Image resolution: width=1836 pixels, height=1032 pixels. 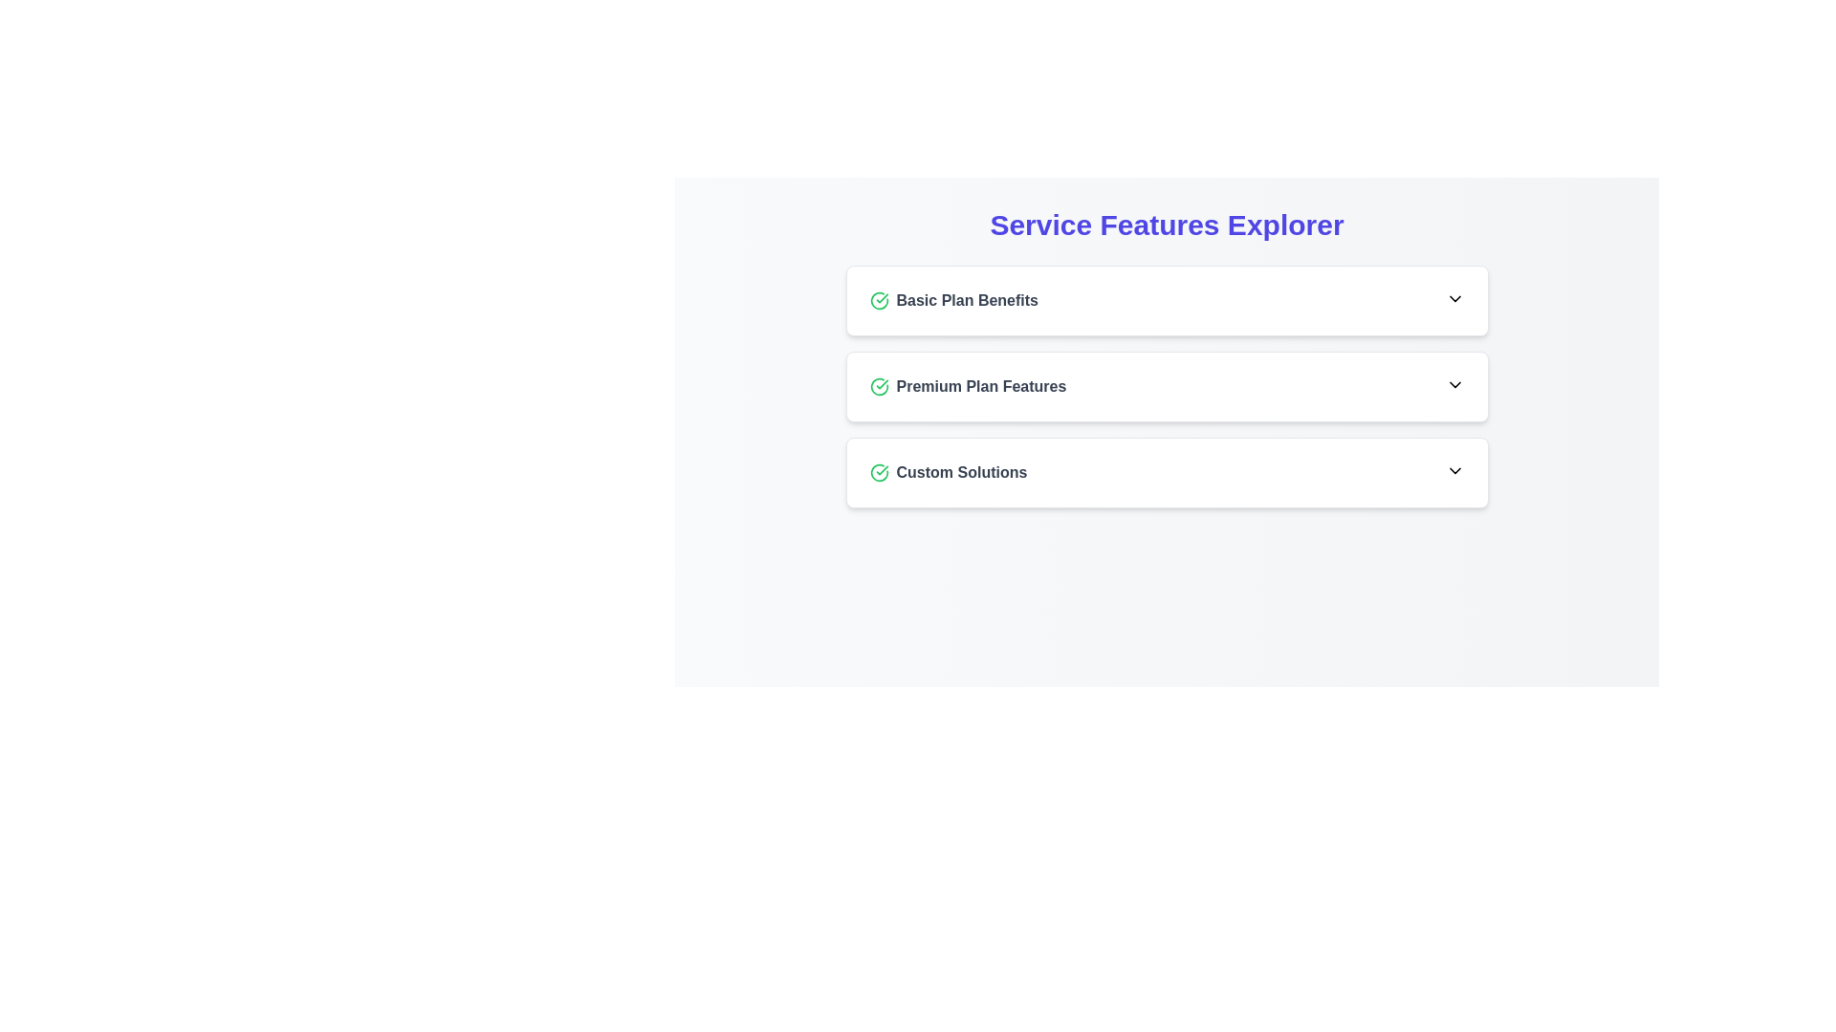 What do you see at coordinates (981, 387) in the screenshot?
I see `the text label indicating 'Premium Plan Features', which is the second item in a vertical list between 'Basic Plan Benefits' and 'Custom Solutions'` at bounding box center [981, 387].